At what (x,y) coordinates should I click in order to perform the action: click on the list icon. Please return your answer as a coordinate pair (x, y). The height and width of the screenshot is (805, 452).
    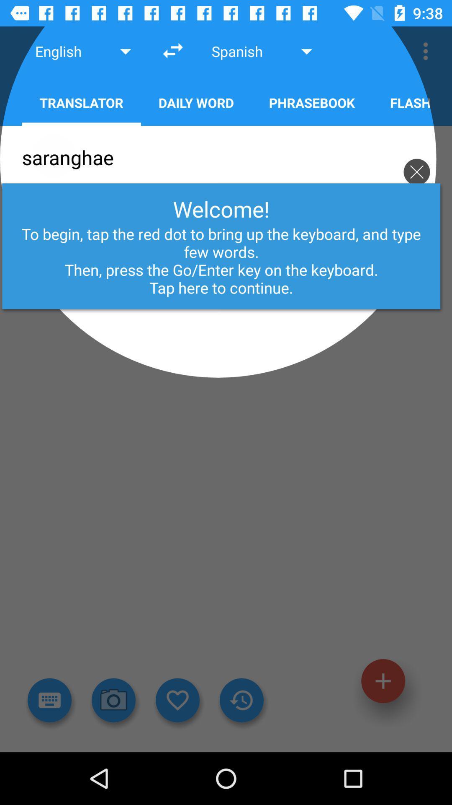
    Looking at the image, I should click on (49, 700).